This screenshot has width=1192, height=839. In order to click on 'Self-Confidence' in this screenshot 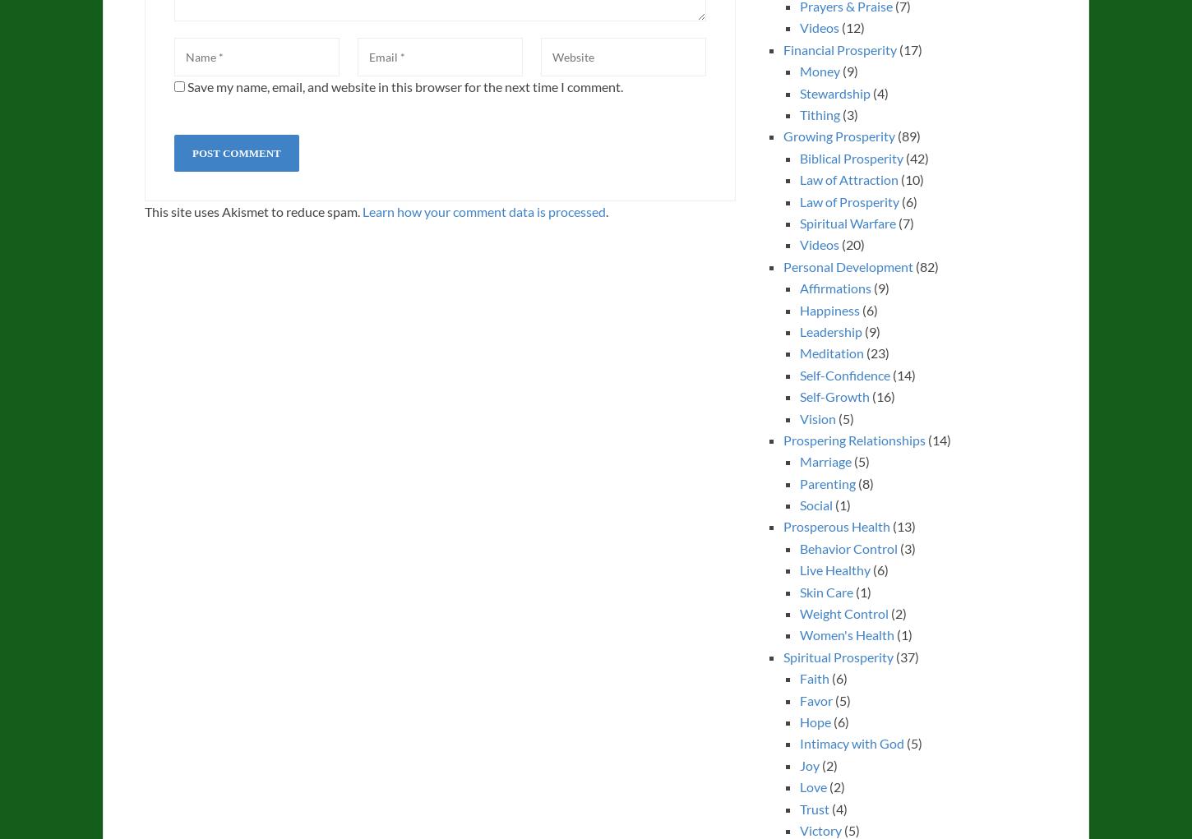, I will do `click(798, 374)`.